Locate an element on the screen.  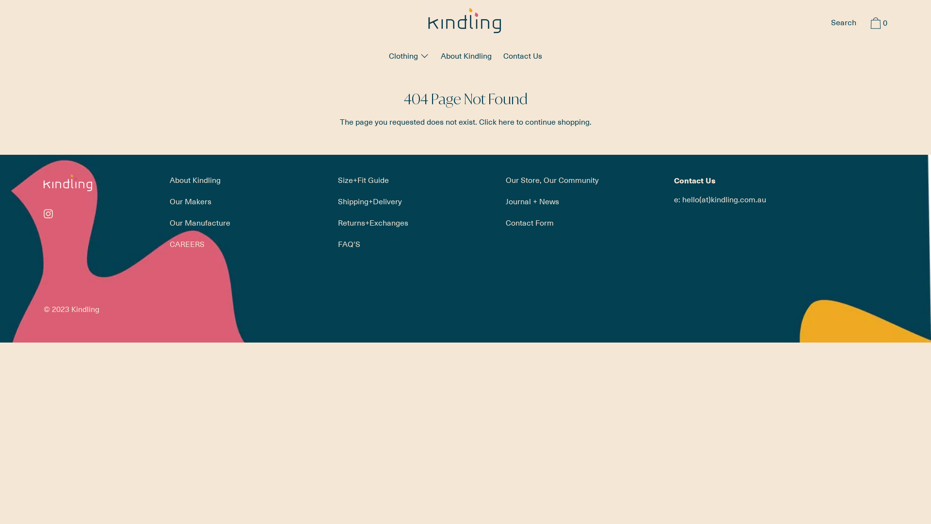
'Our Store, Our Community' is located at coordinates (552, 180).